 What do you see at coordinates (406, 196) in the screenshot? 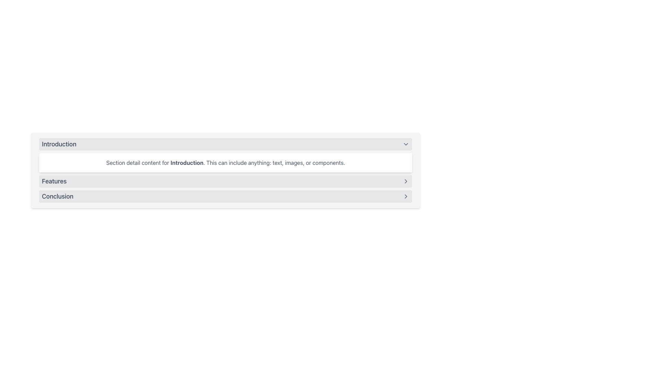
I see `the right-pointing chevron icon located next to the 'Conclusion' header` at bounding box center [406, 196].